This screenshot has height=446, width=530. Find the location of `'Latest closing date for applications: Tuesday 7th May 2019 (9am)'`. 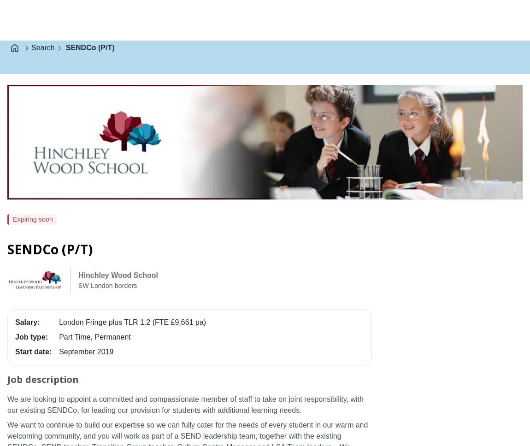

'Latest closing date for applications: Tuesday 7th May 2019 (9am)' is located at coordinates (120, 45).